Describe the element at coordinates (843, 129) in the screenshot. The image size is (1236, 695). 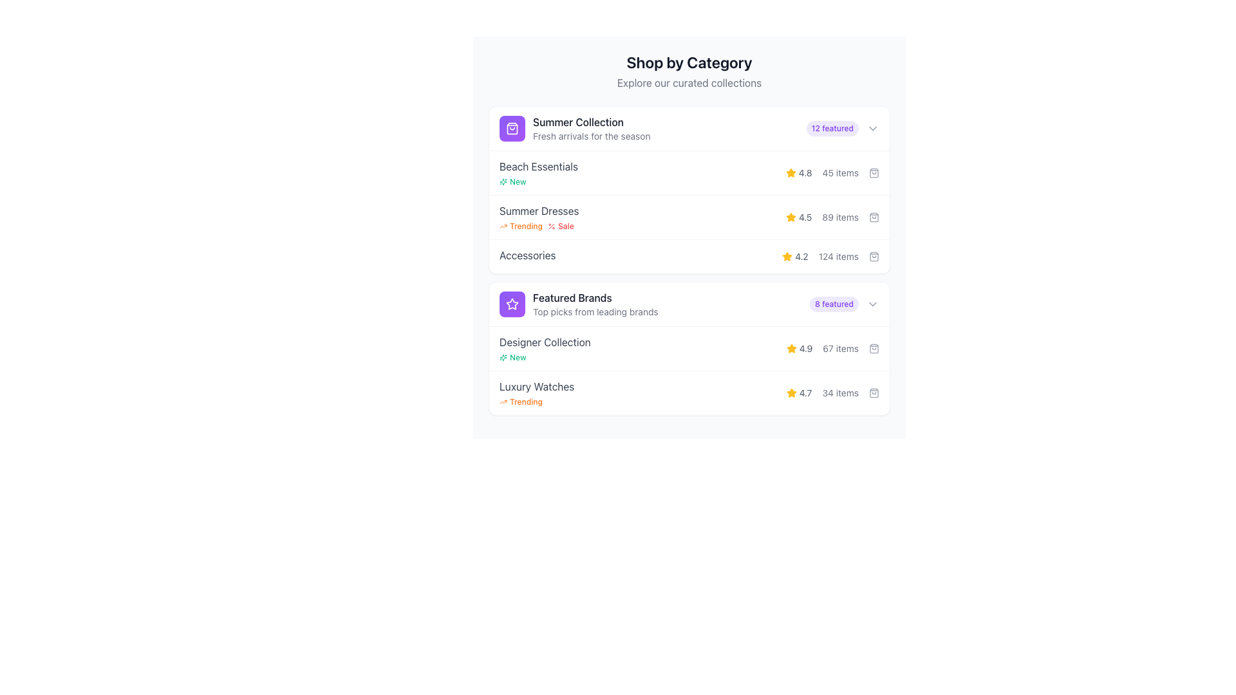
I see `the content of the badge labeled '12 featured', which is a small, rounded label with purple text on a light purple background, located in the upper-right corner of the 'Summer Collection' section` at that location.